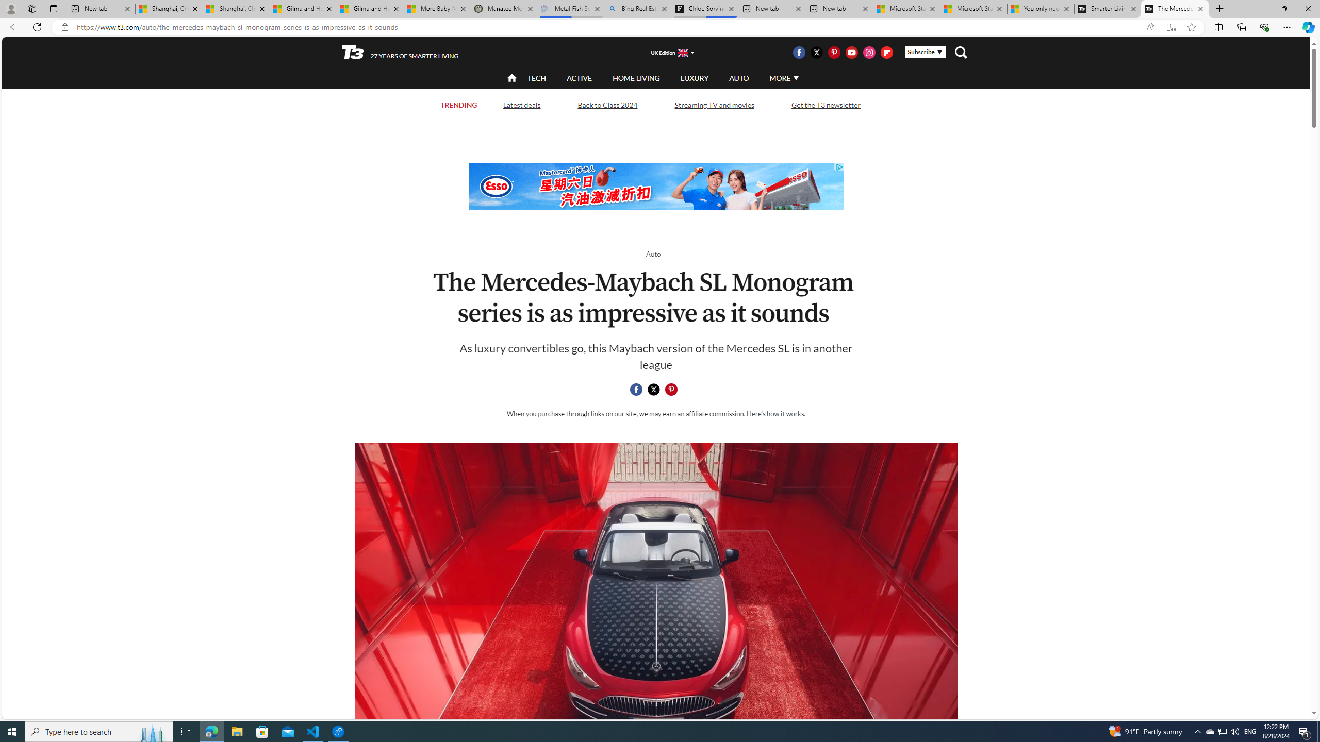 This screenshot has height=742, width=1320. What do you see at coordinates (353, 51) in the screenshot?
I see `'T3'` at bounding box center [353, 51].